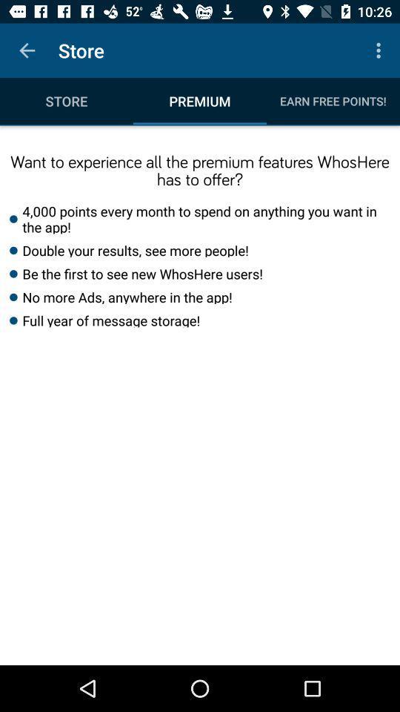 The image size is (400, 712). I want to click on icon above earn free points! icon, so click(380, 50).